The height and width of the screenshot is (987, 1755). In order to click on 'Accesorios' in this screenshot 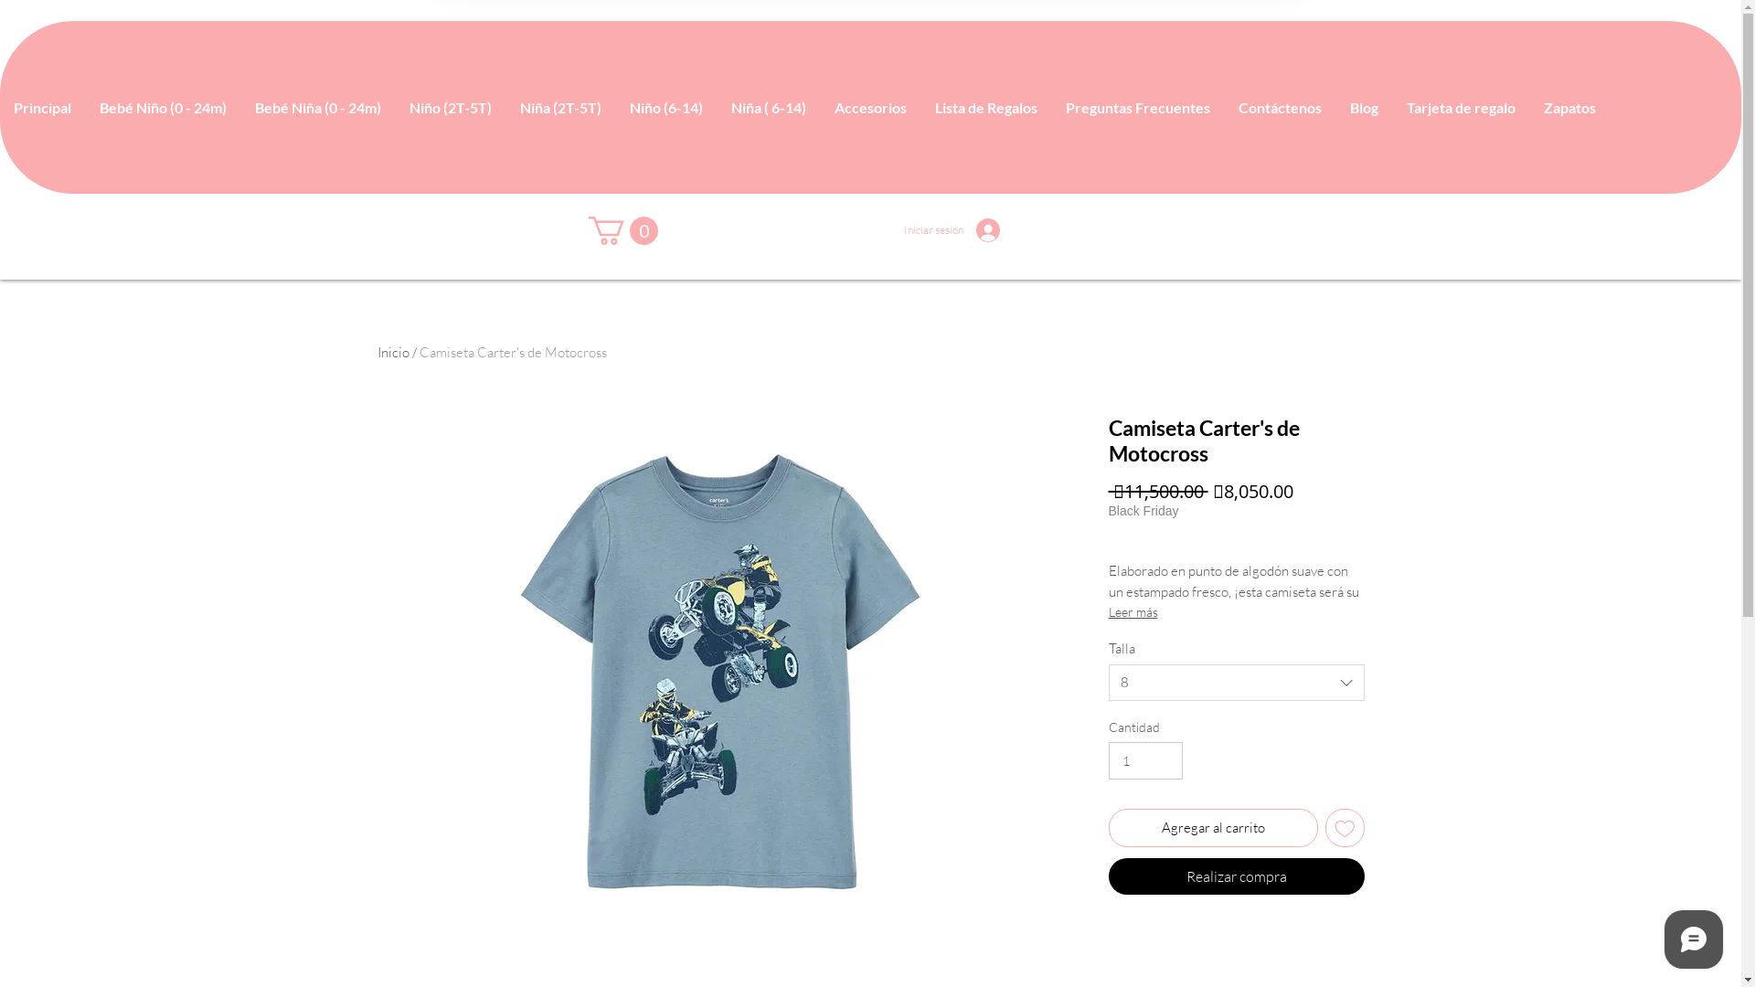, I will do `click(868, 107)`.